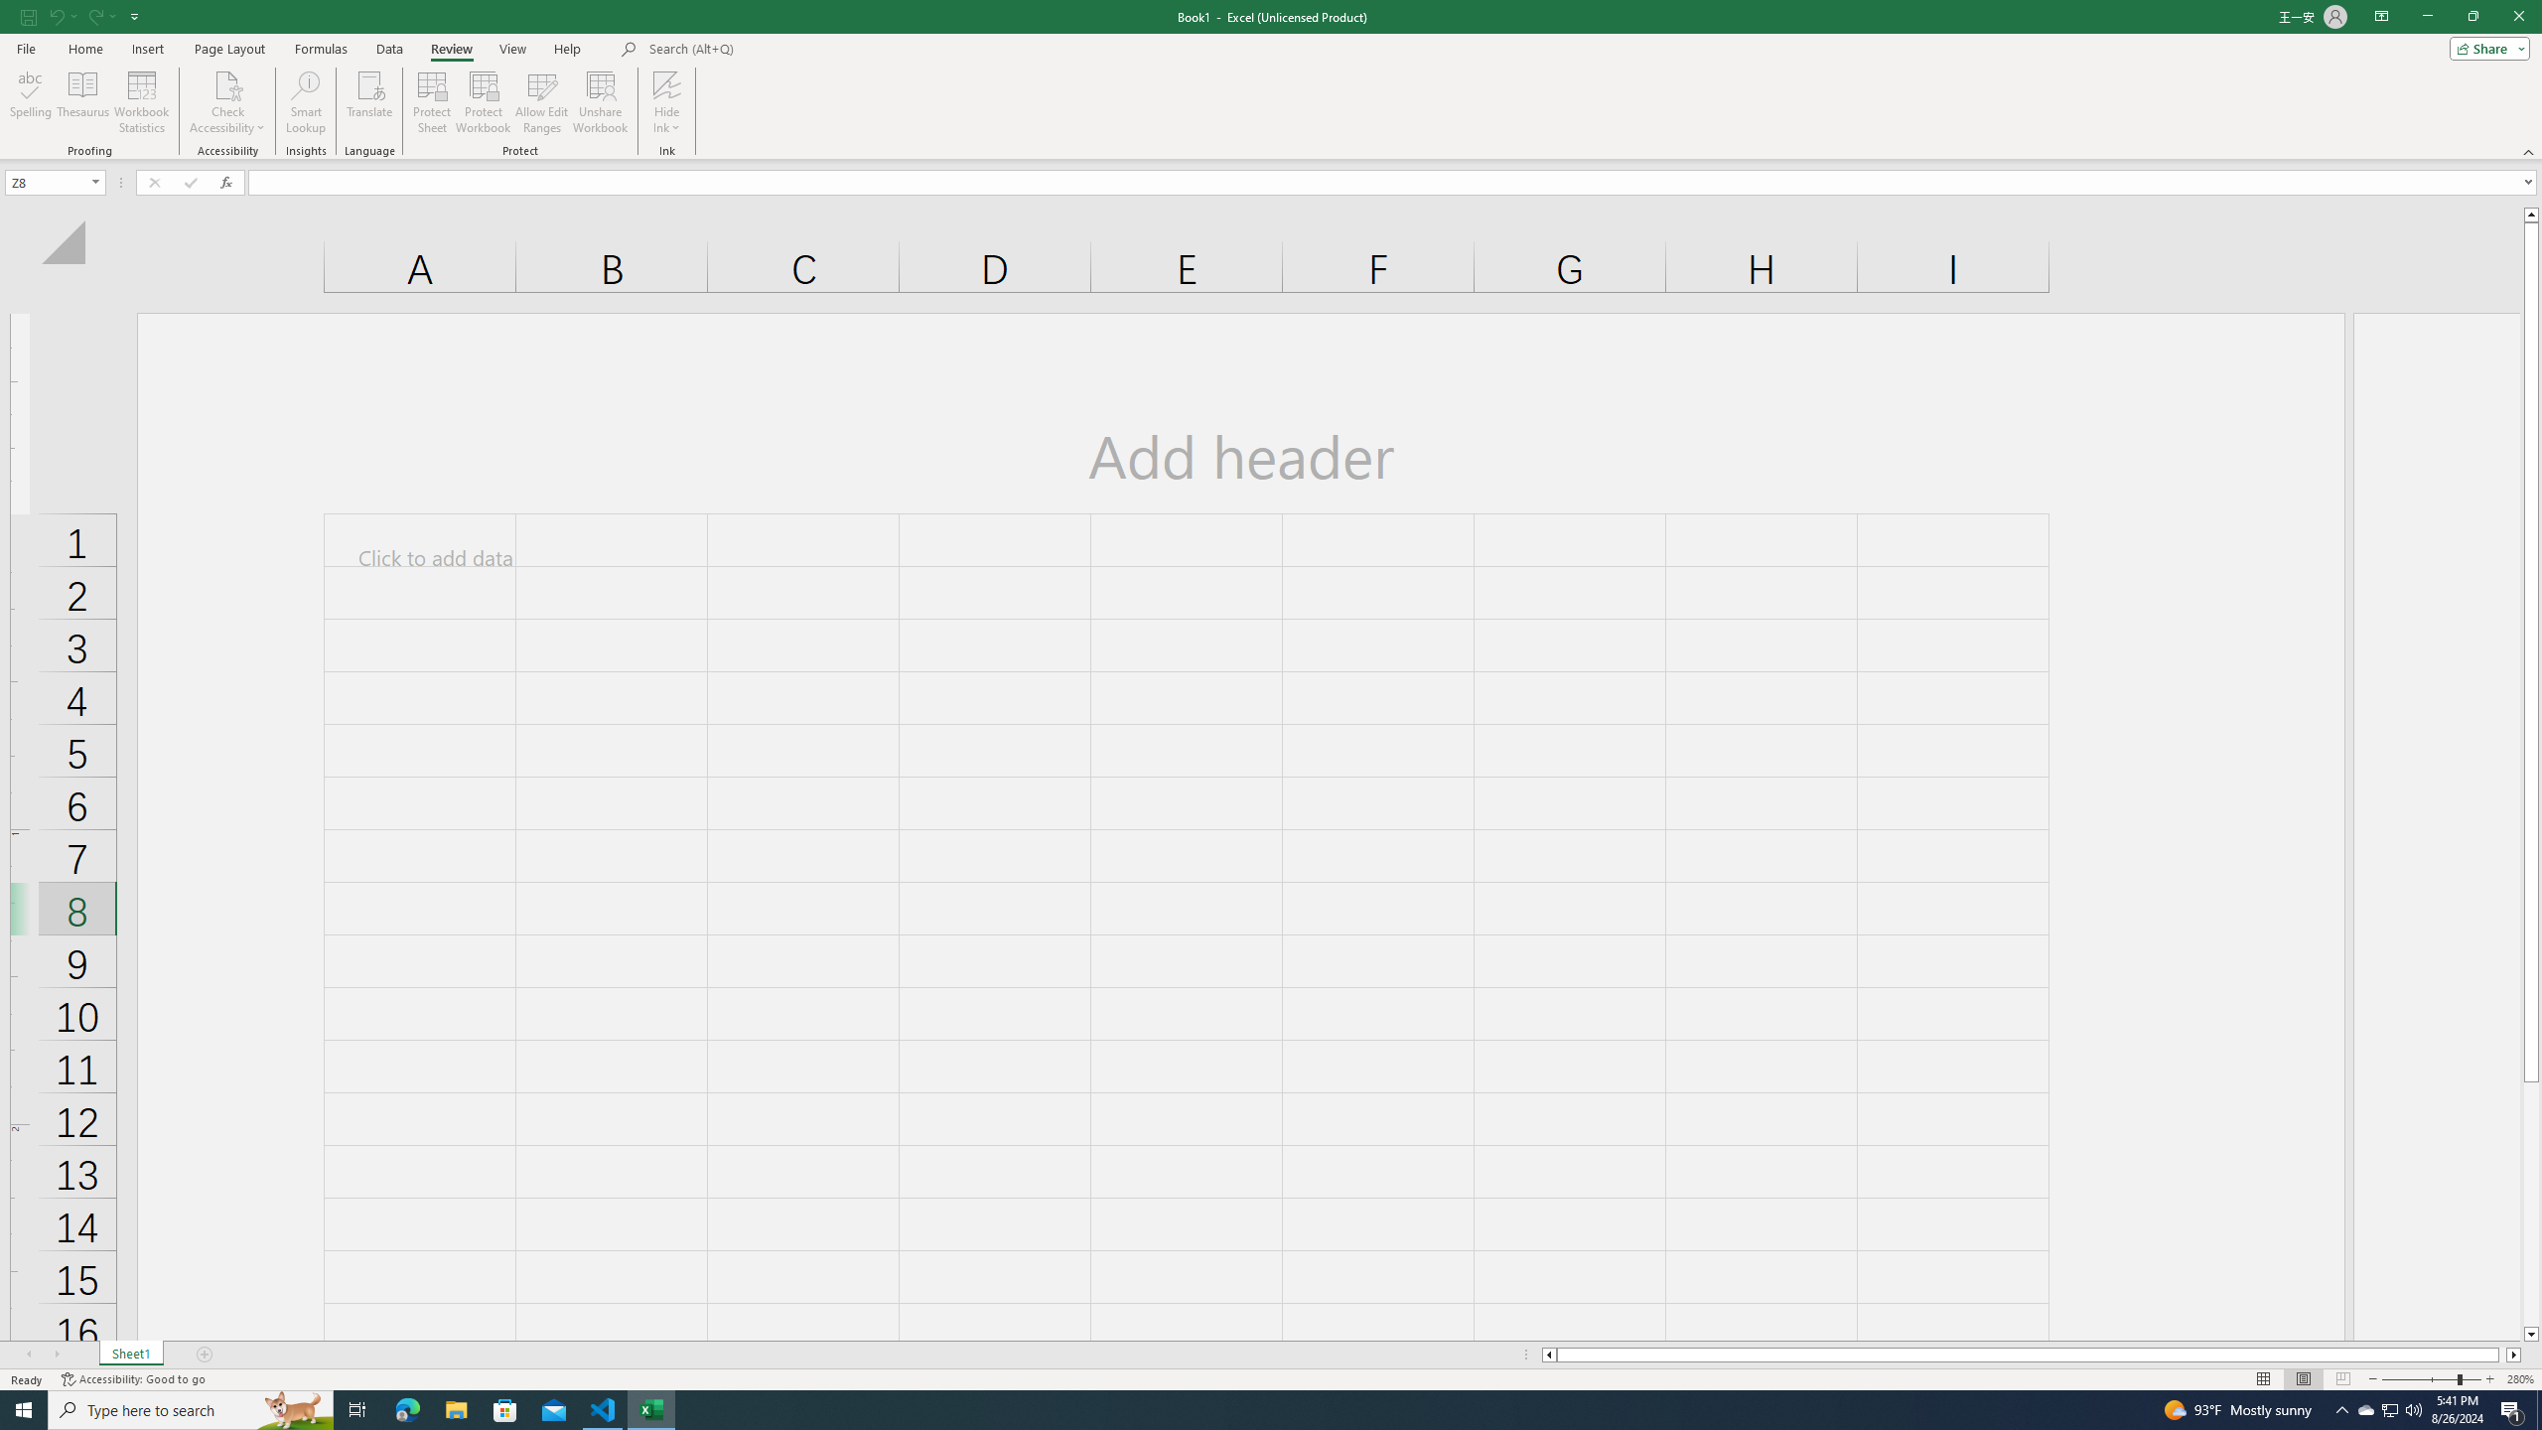 The image size is (2542, 1430). Describe the element at coordinates (204, 1354) in the screenshot. I see `'Add Sheet'` at that location.